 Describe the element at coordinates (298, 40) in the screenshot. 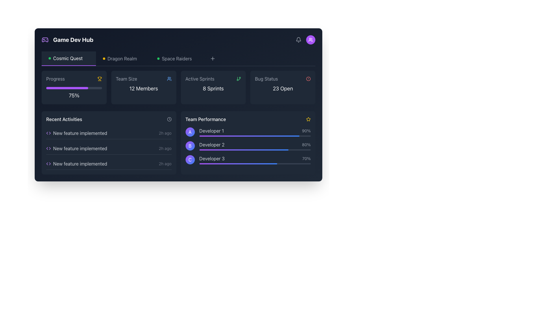

I see `the bell-shaped notification icon located in the top-right corner of the interface to change its appearance from gray to white` at that location.